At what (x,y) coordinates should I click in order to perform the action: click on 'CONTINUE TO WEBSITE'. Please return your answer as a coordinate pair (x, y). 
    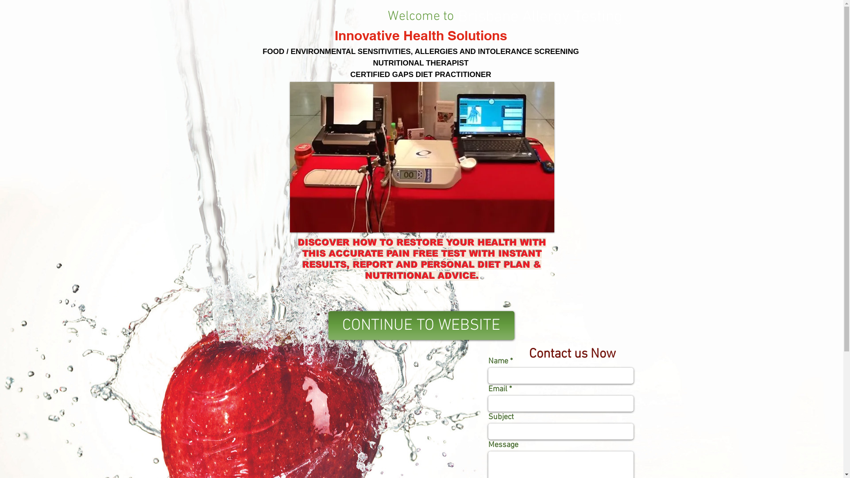
    Looking at the image, I should click on (421, 325).